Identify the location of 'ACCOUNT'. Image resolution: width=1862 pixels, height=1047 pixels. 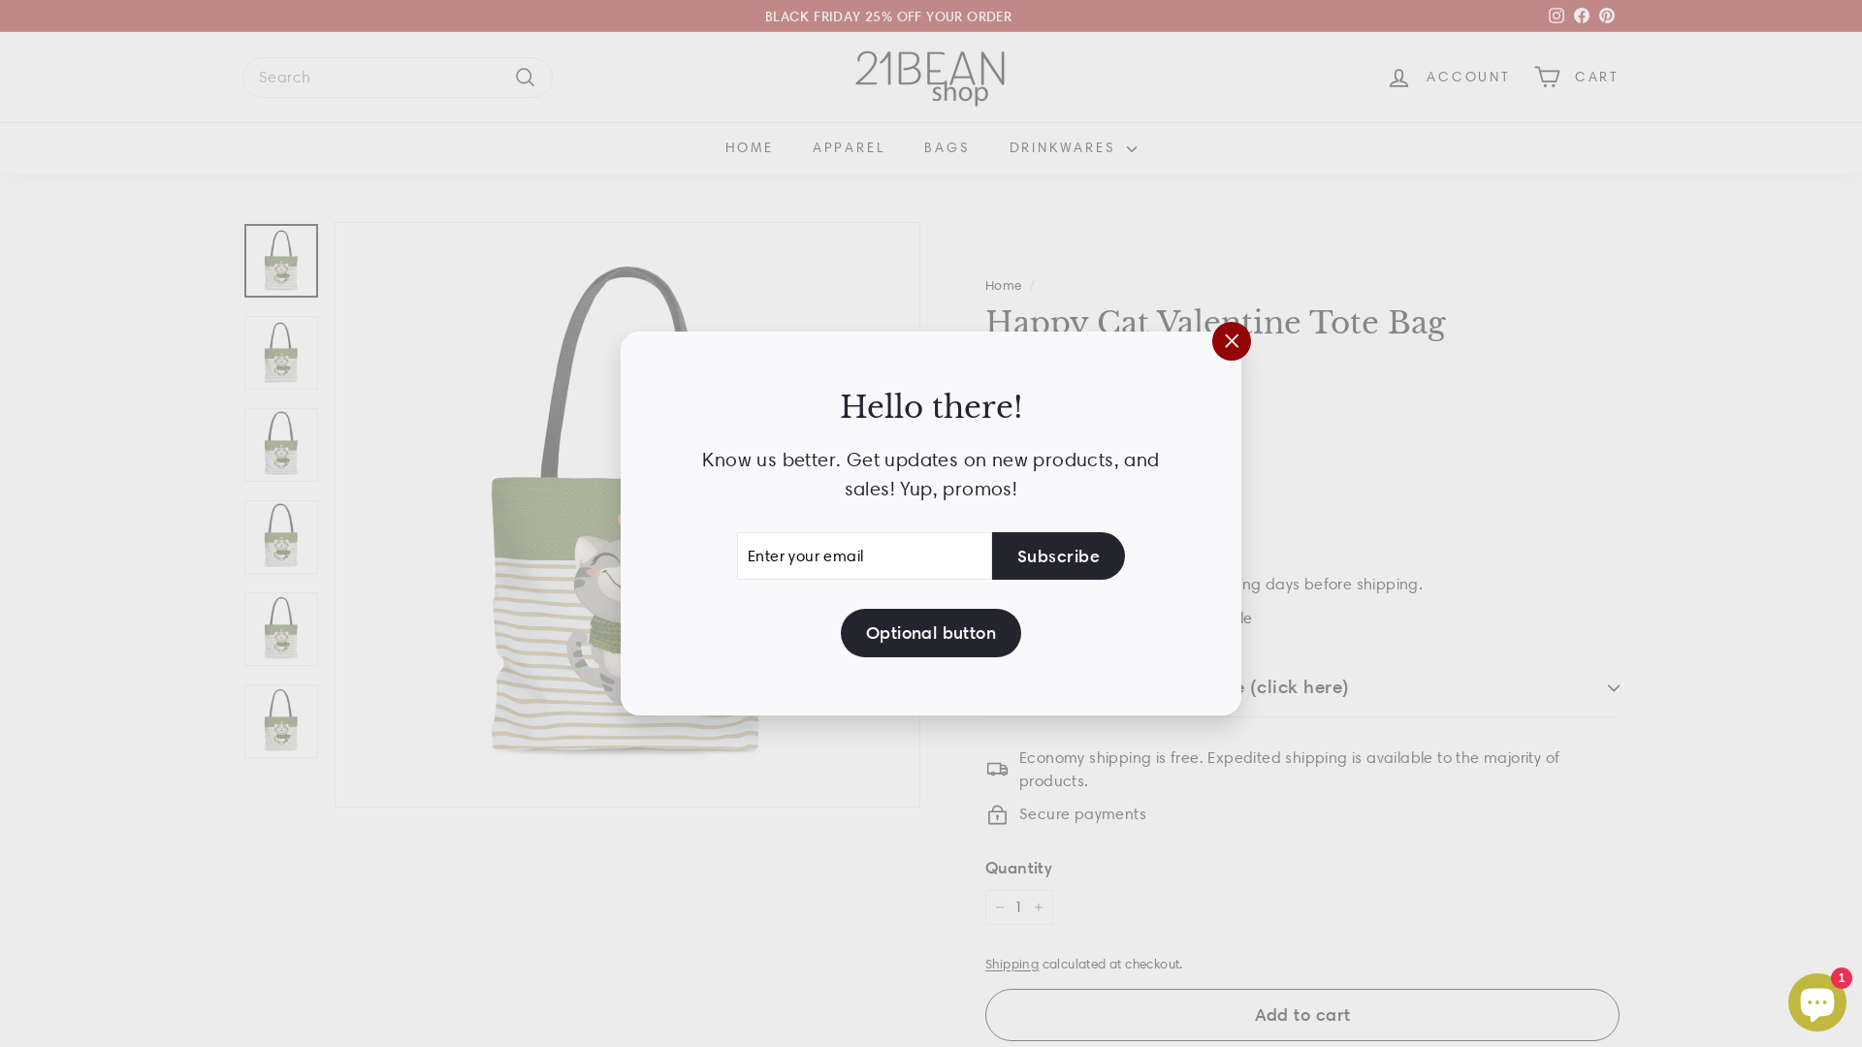
(1448, 76).